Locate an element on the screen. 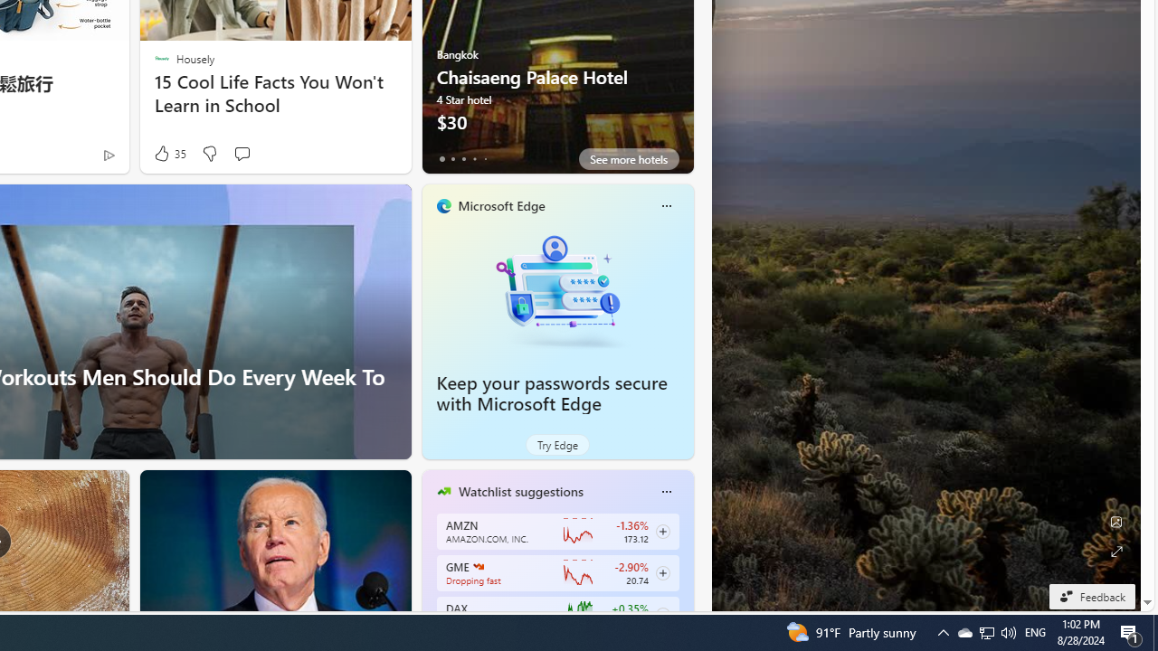 Image resolution: width=1158 pixels, height=651 pixels. 'tab-1' is located at coordinates (452, 158).